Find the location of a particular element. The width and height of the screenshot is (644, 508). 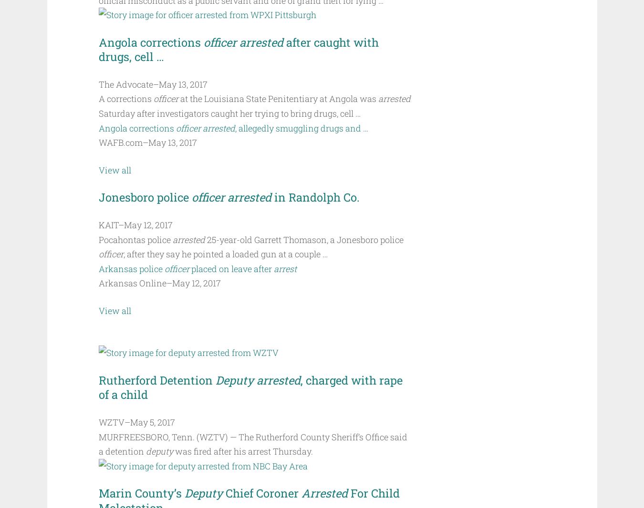

'KAIT' is located at coordinates (98, 225).